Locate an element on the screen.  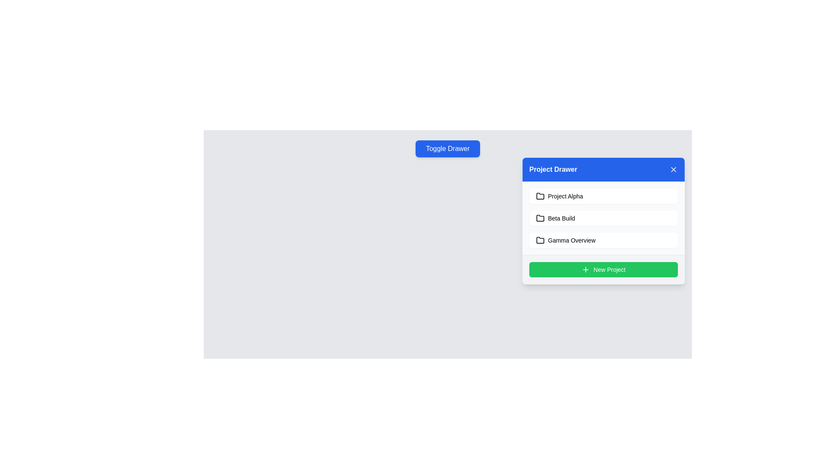
the folder icon representing the project named 'Beta Build' located in the Project Drawer panel, which is the second folder icon between 'Project Alpha' and 'Gamma Overview' is located at coordinates (540, 217).